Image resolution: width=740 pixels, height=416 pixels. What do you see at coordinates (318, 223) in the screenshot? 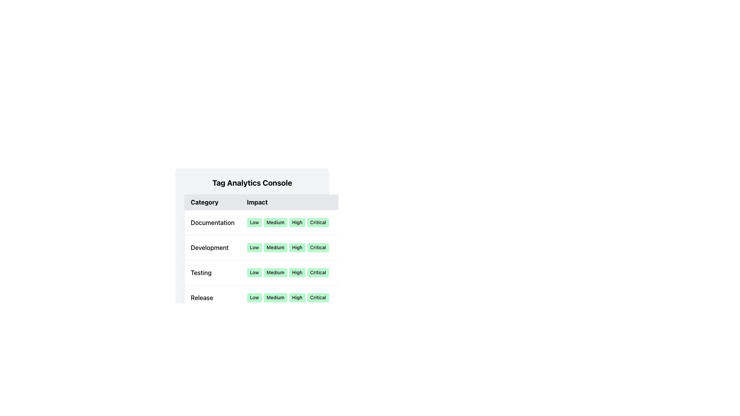
I see `the 'Critical' label which has a green background, rounded corners, and bold black text, positioned last in the horizontal list of impact labels` at bounding box center [318, 223].